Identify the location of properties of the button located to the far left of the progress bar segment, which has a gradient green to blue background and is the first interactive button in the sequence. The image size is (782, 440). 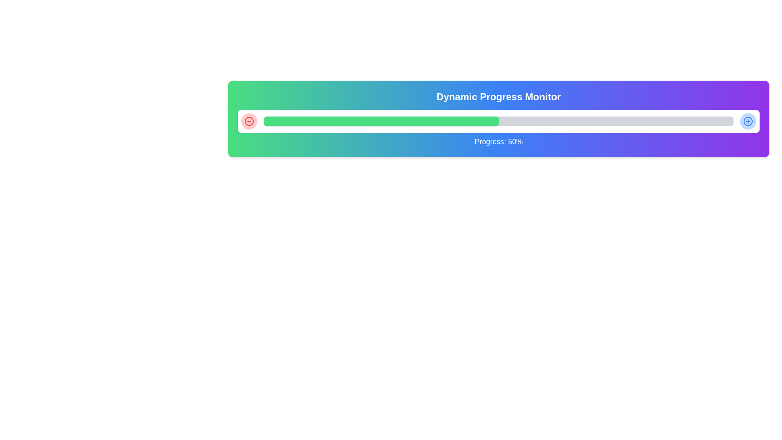
(248, 121).